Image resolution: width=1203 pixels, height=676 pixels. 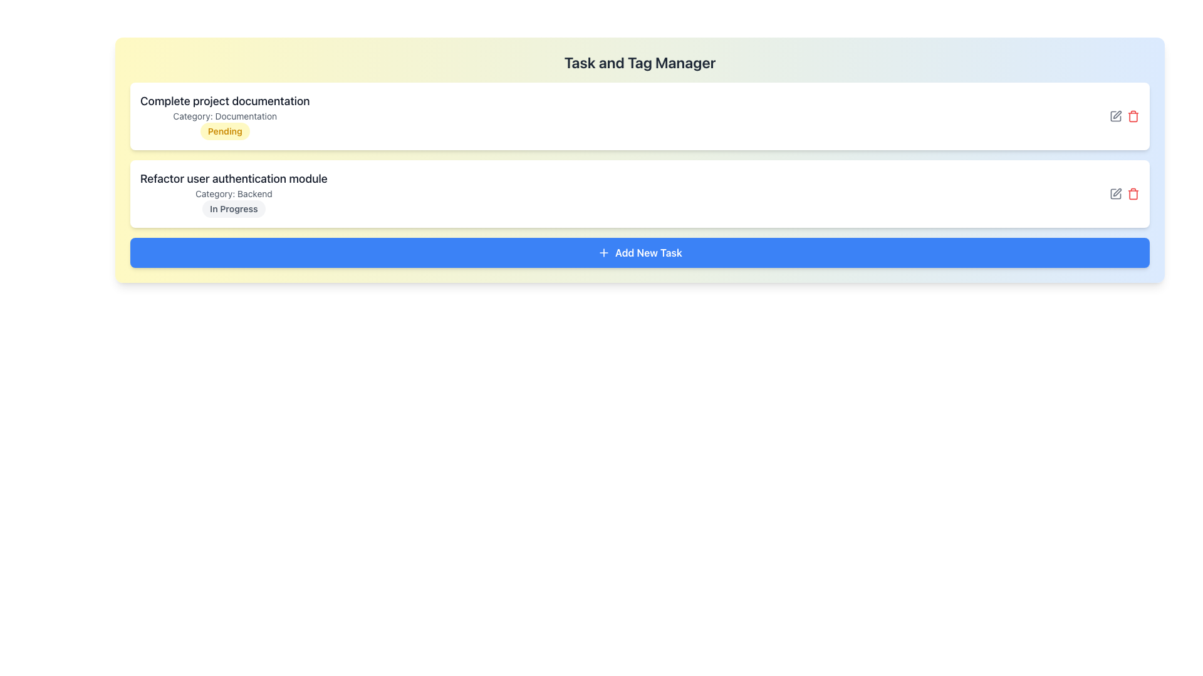 I want to click on the Status Badge displaying the text 'Pending', which has a light yellow background and bold orange text, located beneath the 'Category: Documentation' subheading, so click(x=225, y=131).